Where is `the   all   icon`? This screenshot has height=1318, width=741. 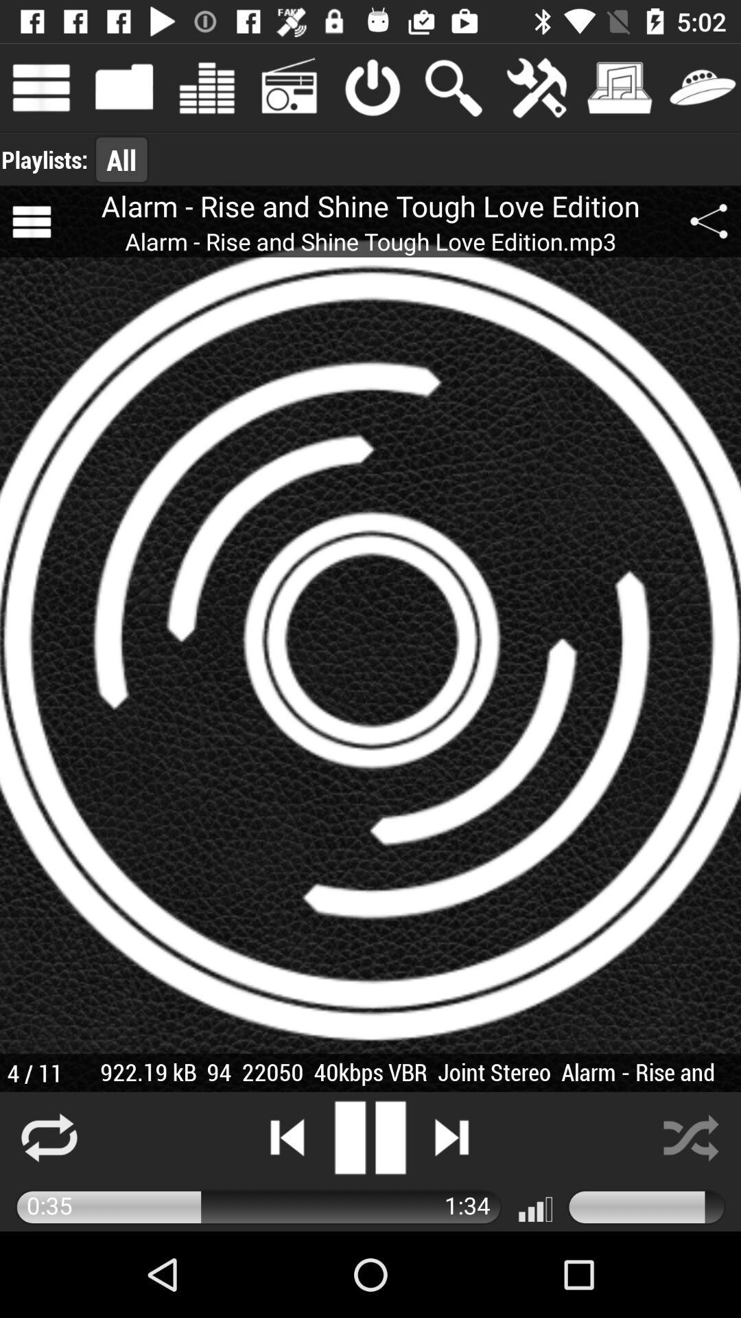 the   all   icon is located at coordinates (121, 159).